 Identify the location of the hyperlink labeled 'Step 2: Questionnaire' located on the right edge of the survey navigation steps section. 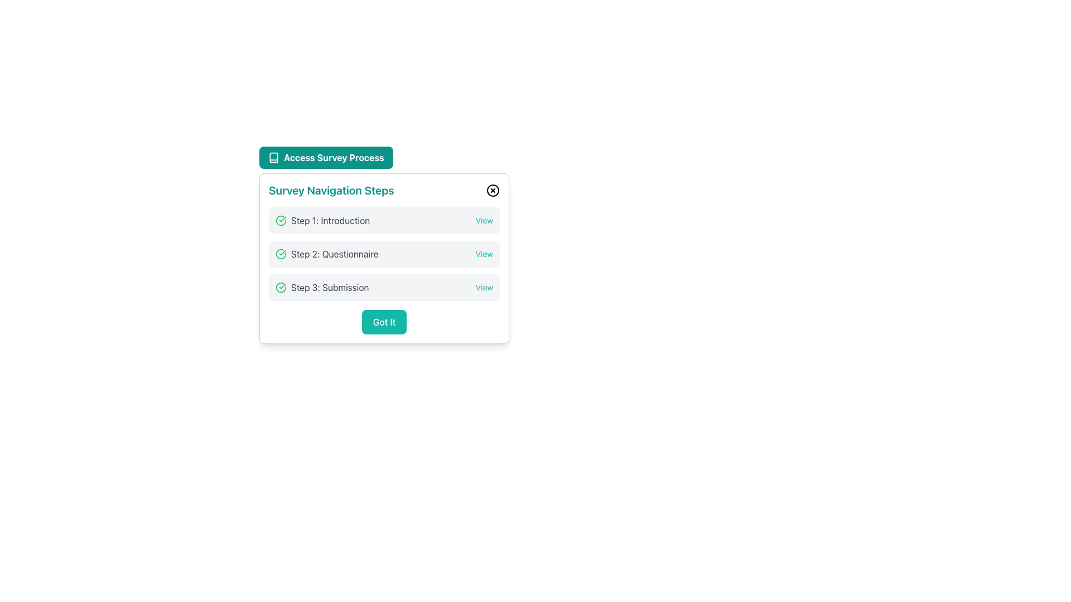
(484, 254).